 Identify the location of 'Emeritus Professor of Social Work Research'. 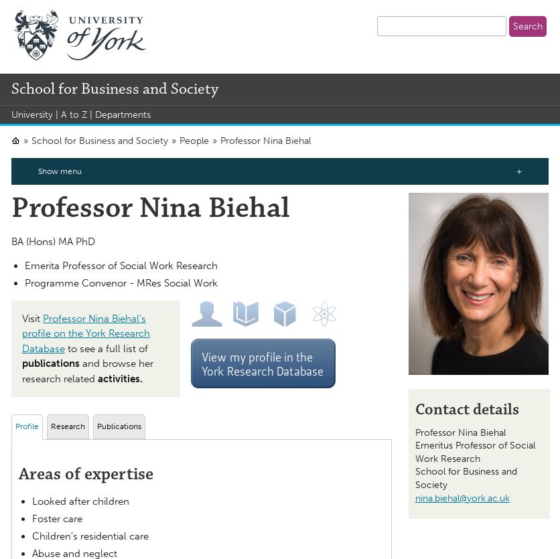
(474, 452).